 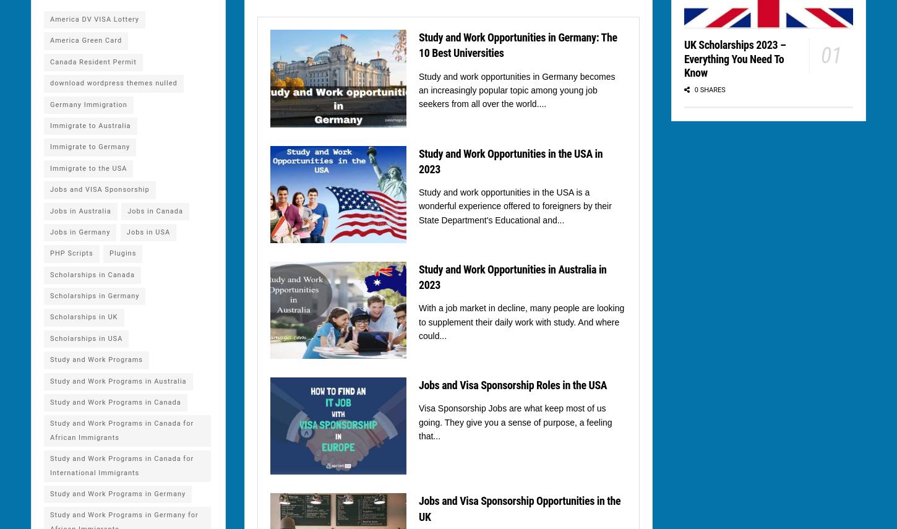 I want to click on 'Visa Sponsorship Jobs are what keep most of us going. They give you a sense of purpose, a feeling that...', so click(x=515, y=422).